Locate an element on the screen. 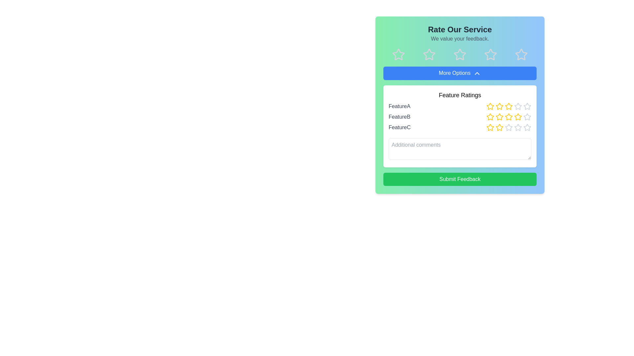 The width and height of the screenshot is (634, 356). the fourth star icon for 'FeatureB', a yellow star with a hollow center is located at coordinates (508, 116).